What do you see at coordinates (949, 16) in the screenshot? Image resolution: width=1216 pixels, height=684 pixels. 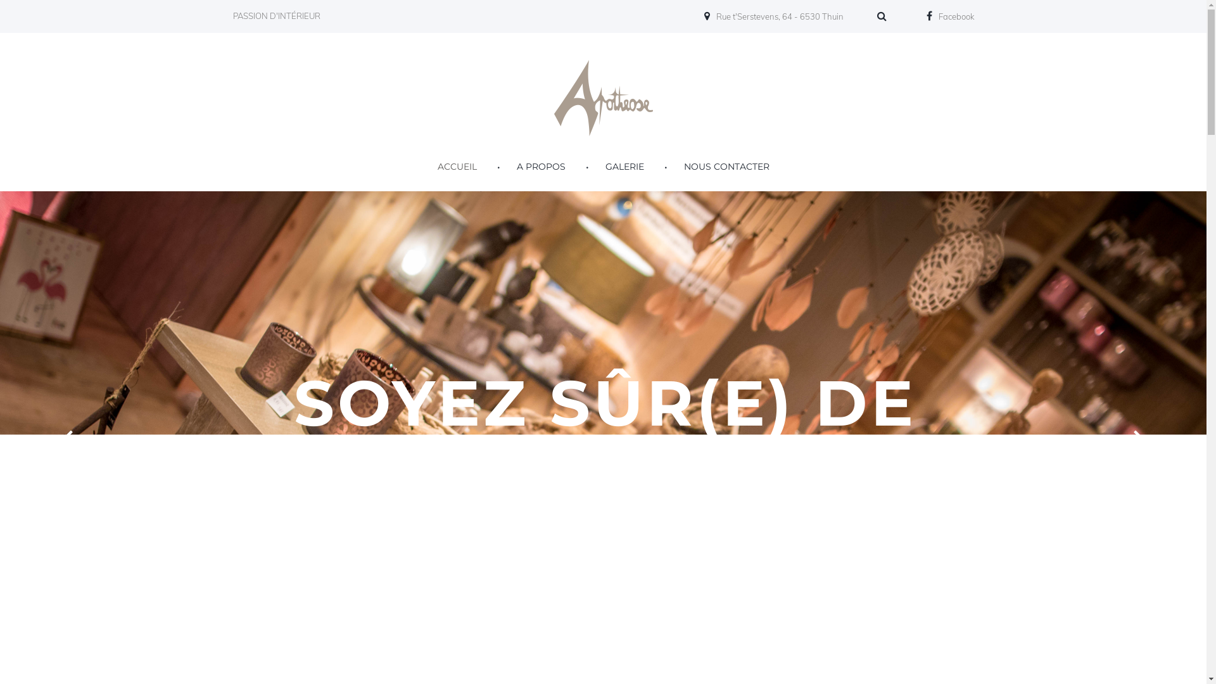 I see `'Facebook'` at bounding box center [949, 16].